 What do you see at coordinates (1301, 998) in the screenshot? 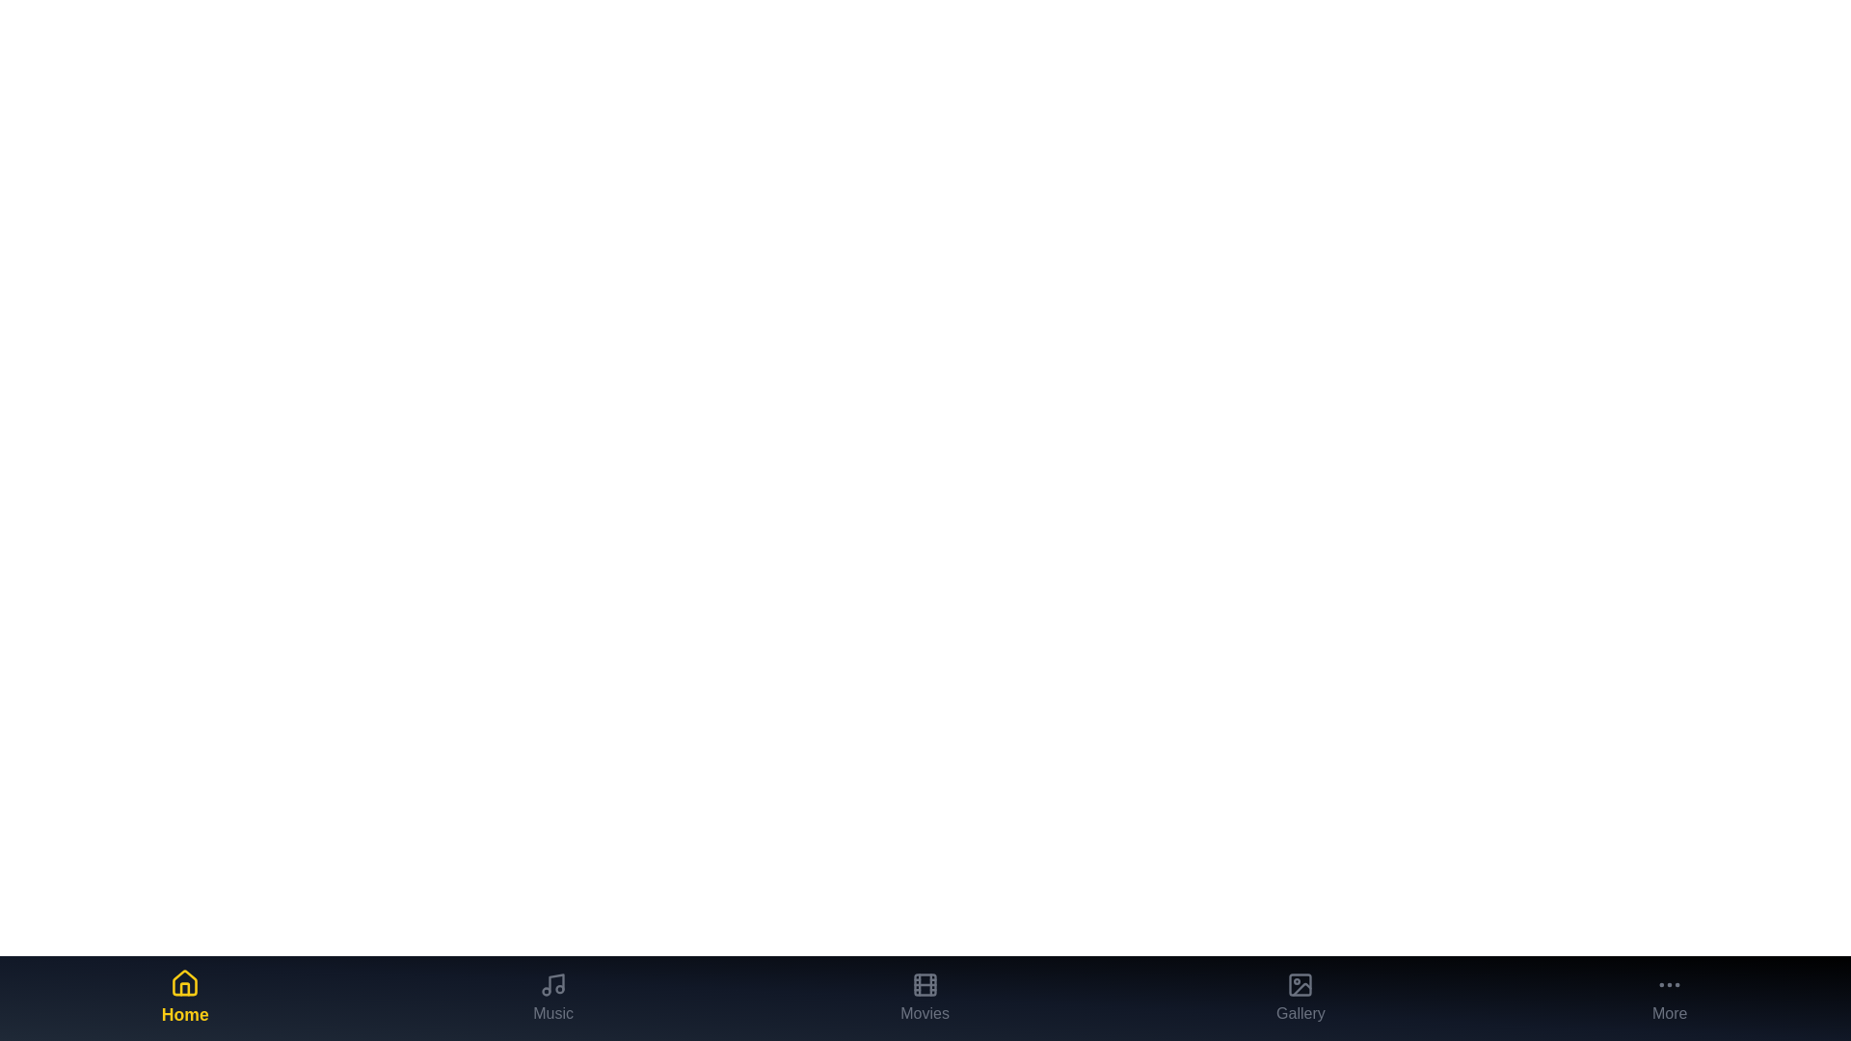
I see `the Gallery tab in the bottom navigation bar` at bounding box center [1301, 998].